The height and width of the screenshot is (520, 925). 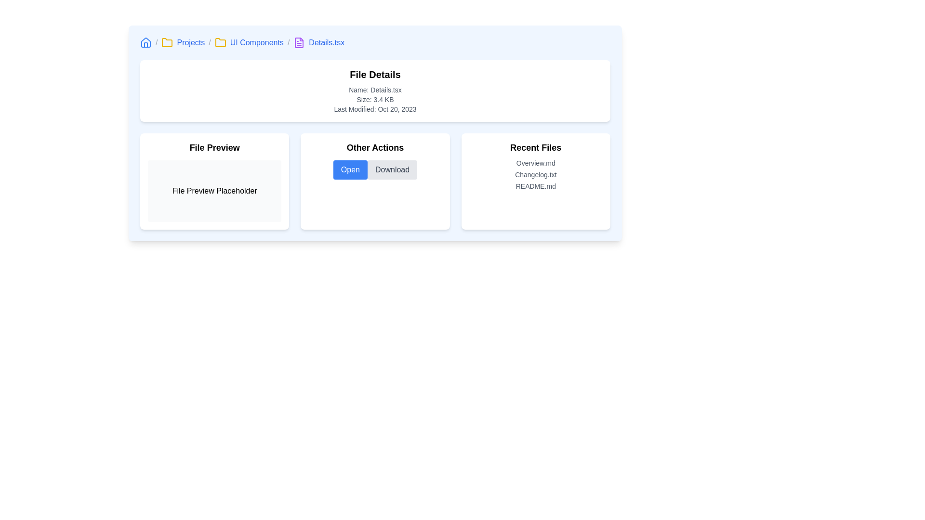 What do you see at coordinates (145, 42) in the screenshot?
I see `the blue house icon in the breadcrumb navigation` at bounding box center [145, 42].